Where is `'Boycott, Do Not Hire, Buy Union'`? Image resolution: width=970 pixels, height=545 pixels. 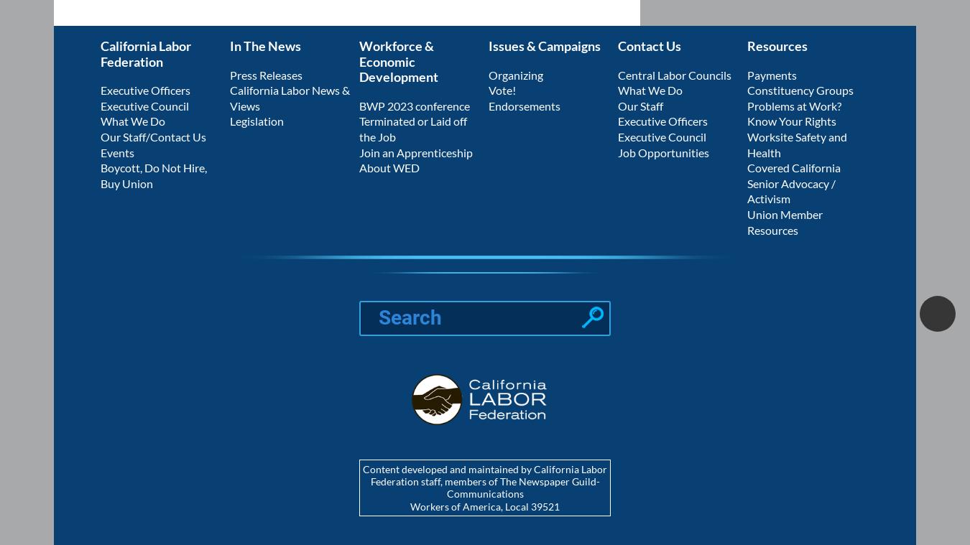 'Boycott, Do Not Hire, Buy Union' is located at coordinates (153, 175).